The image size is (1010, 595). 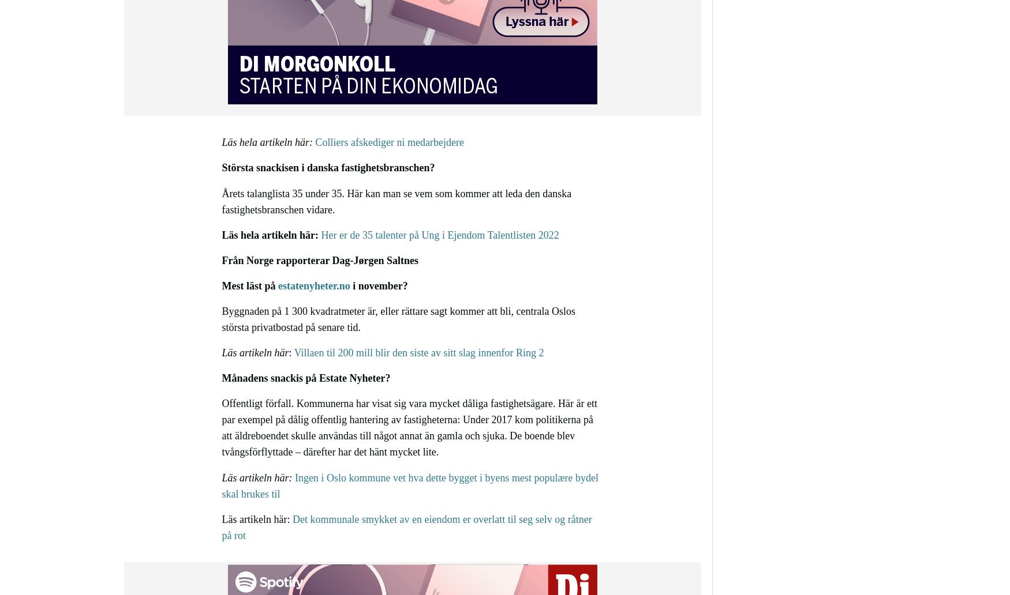 What do you see at coordinates (406, 526) in the screenshot?
I see `'Det kommunale smykket av en eiendom er overlatt til seg selv og råtner på rot'` at bounding box center [406, 526].